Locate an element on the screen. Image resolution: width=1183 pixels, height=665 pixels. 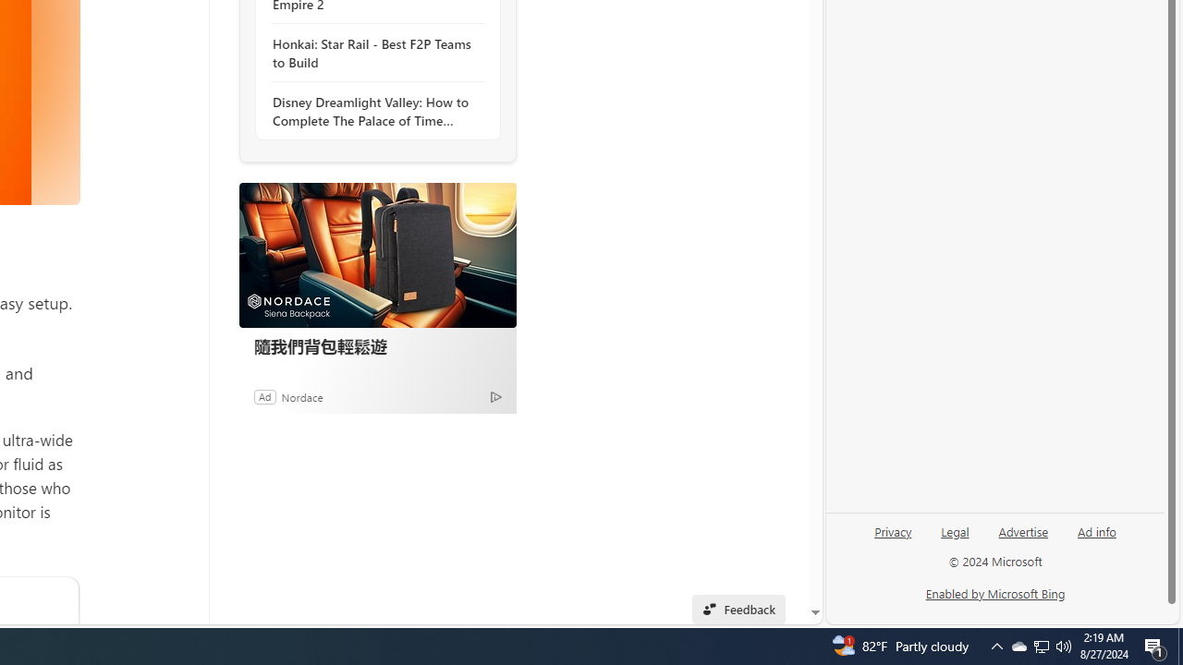
'Ad info' is located at coordinates (1096, 538).